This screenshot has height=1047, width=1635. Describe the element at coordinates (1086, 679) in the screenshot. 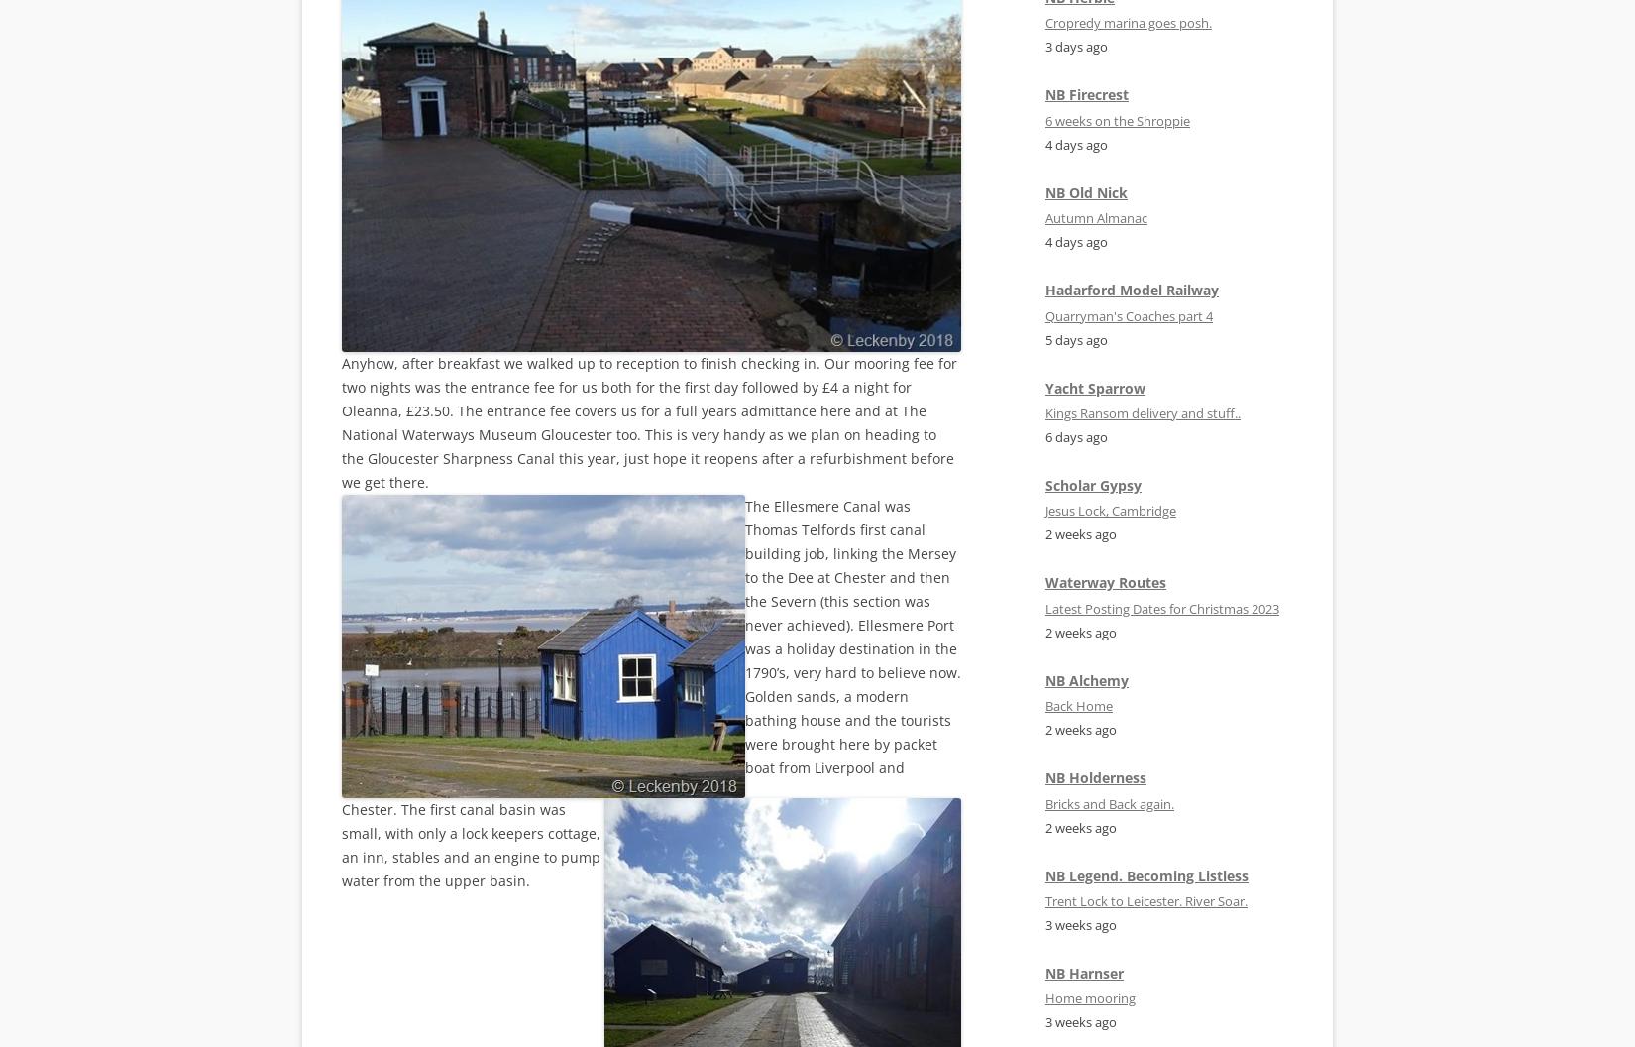

I see `'NB Alchemy'` at that location.